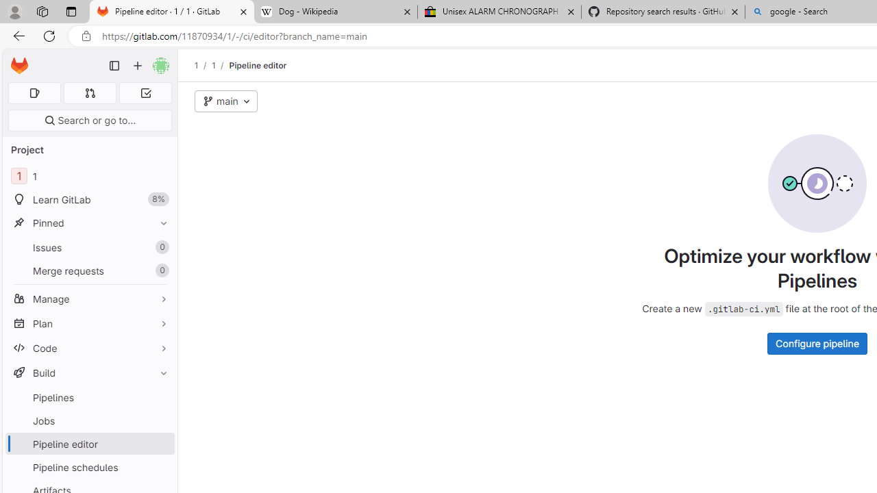  What do you see at coordinates (89, 270) in the screenshot?
I see `'Merge requests0'` at bounding box center [89, 270].